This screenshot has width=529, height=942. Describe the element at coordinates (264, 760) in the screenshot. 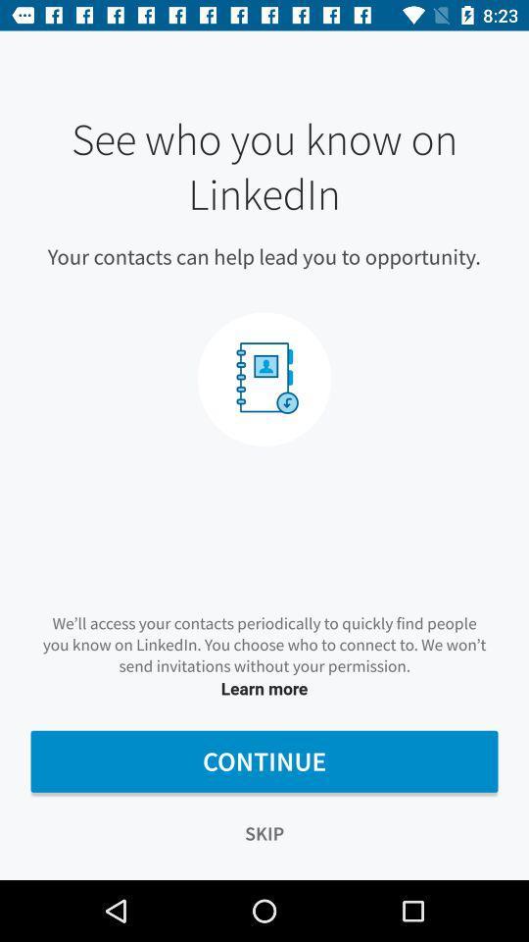

I see `the icon below learn more item` at that location.